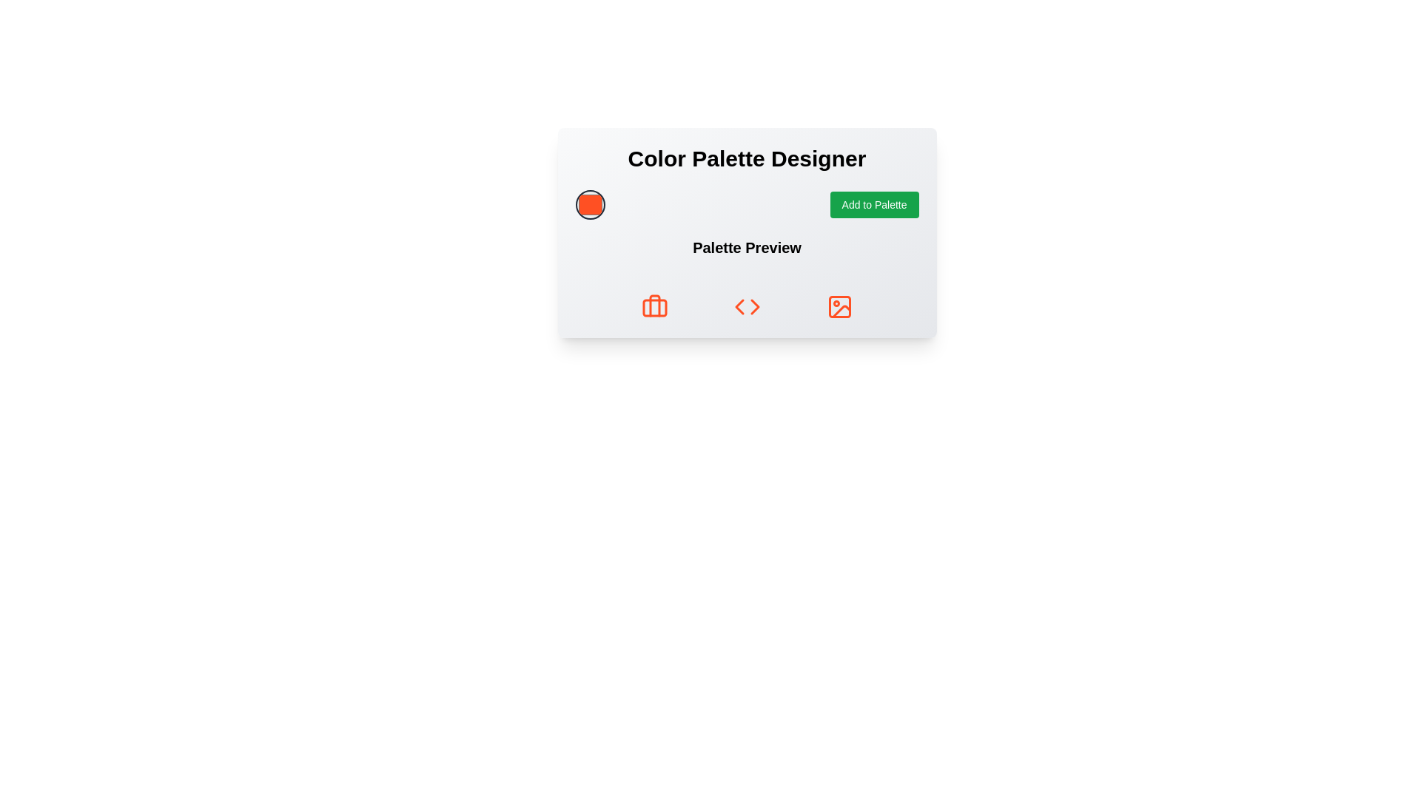 This screenshot has height=799, width=1421. I want to click on the decorative vector graphic inside the third icon from the left in the bottom row of icons, so click(841, 311).